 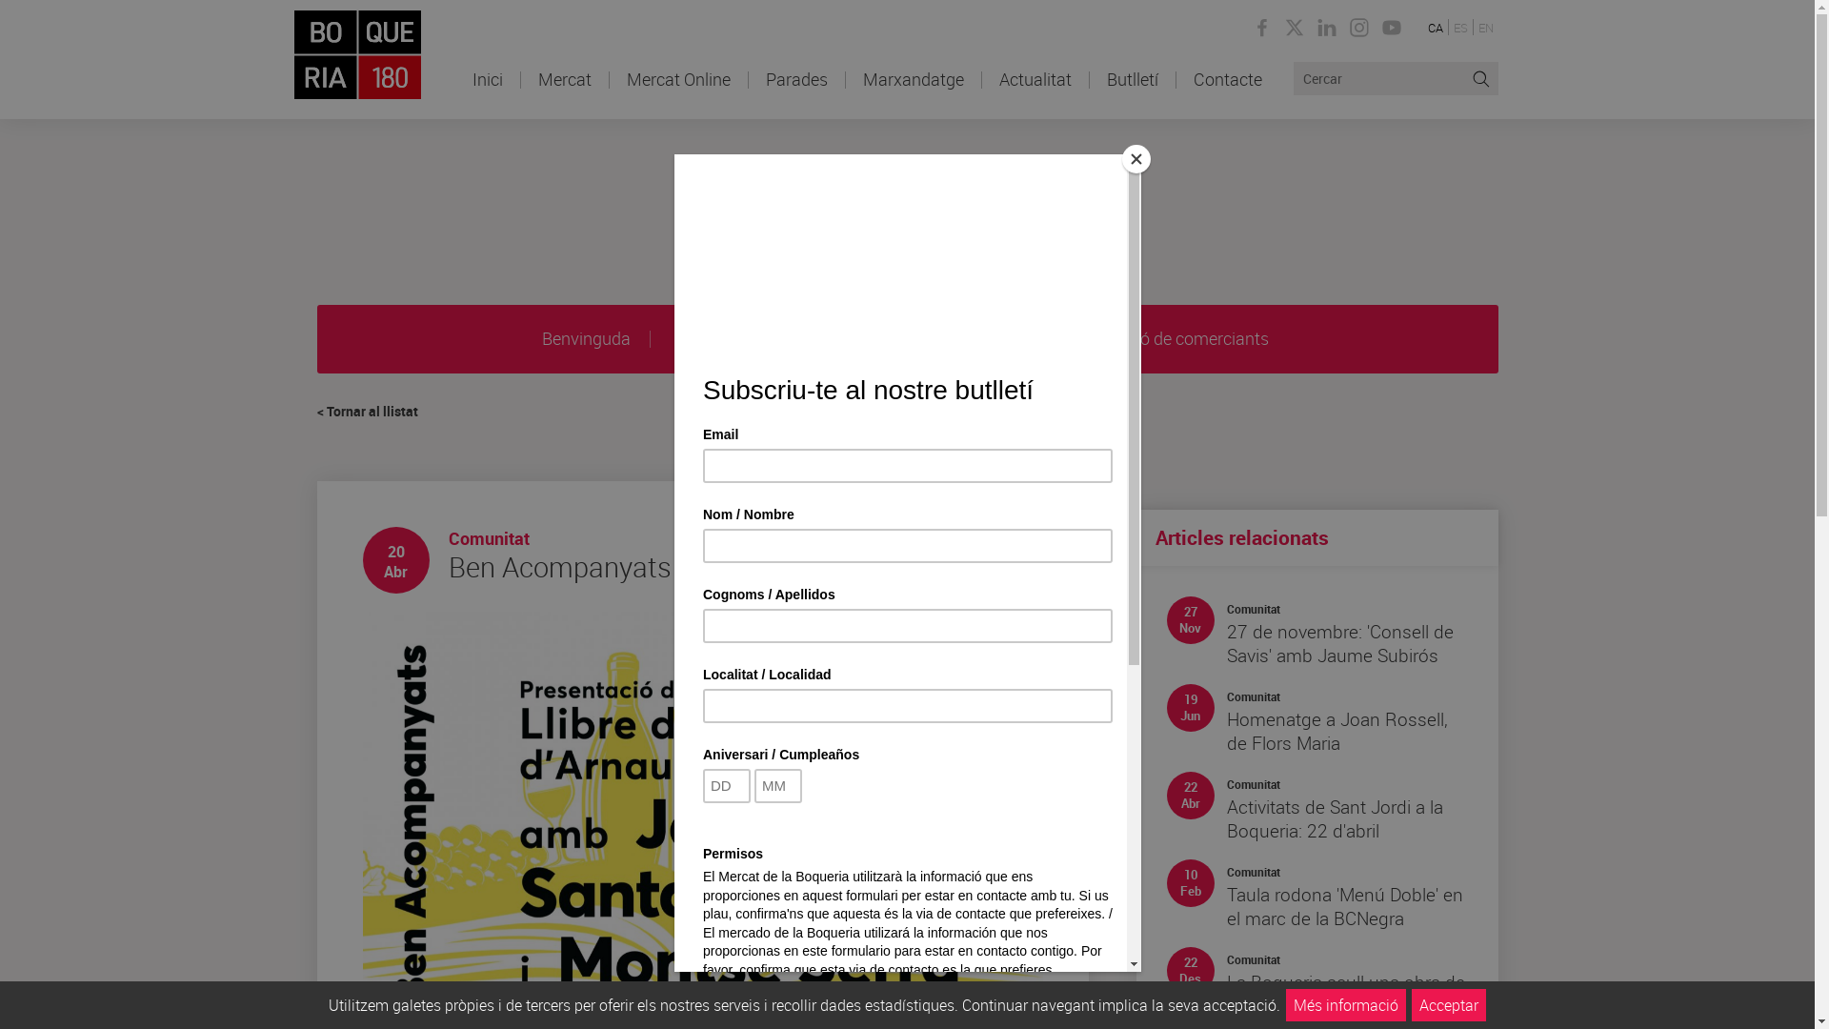 What do you see at coordinates (315, 411) in the screenshot?
I see `'< Tornar al llistat'` at bounding box center [315, 411].